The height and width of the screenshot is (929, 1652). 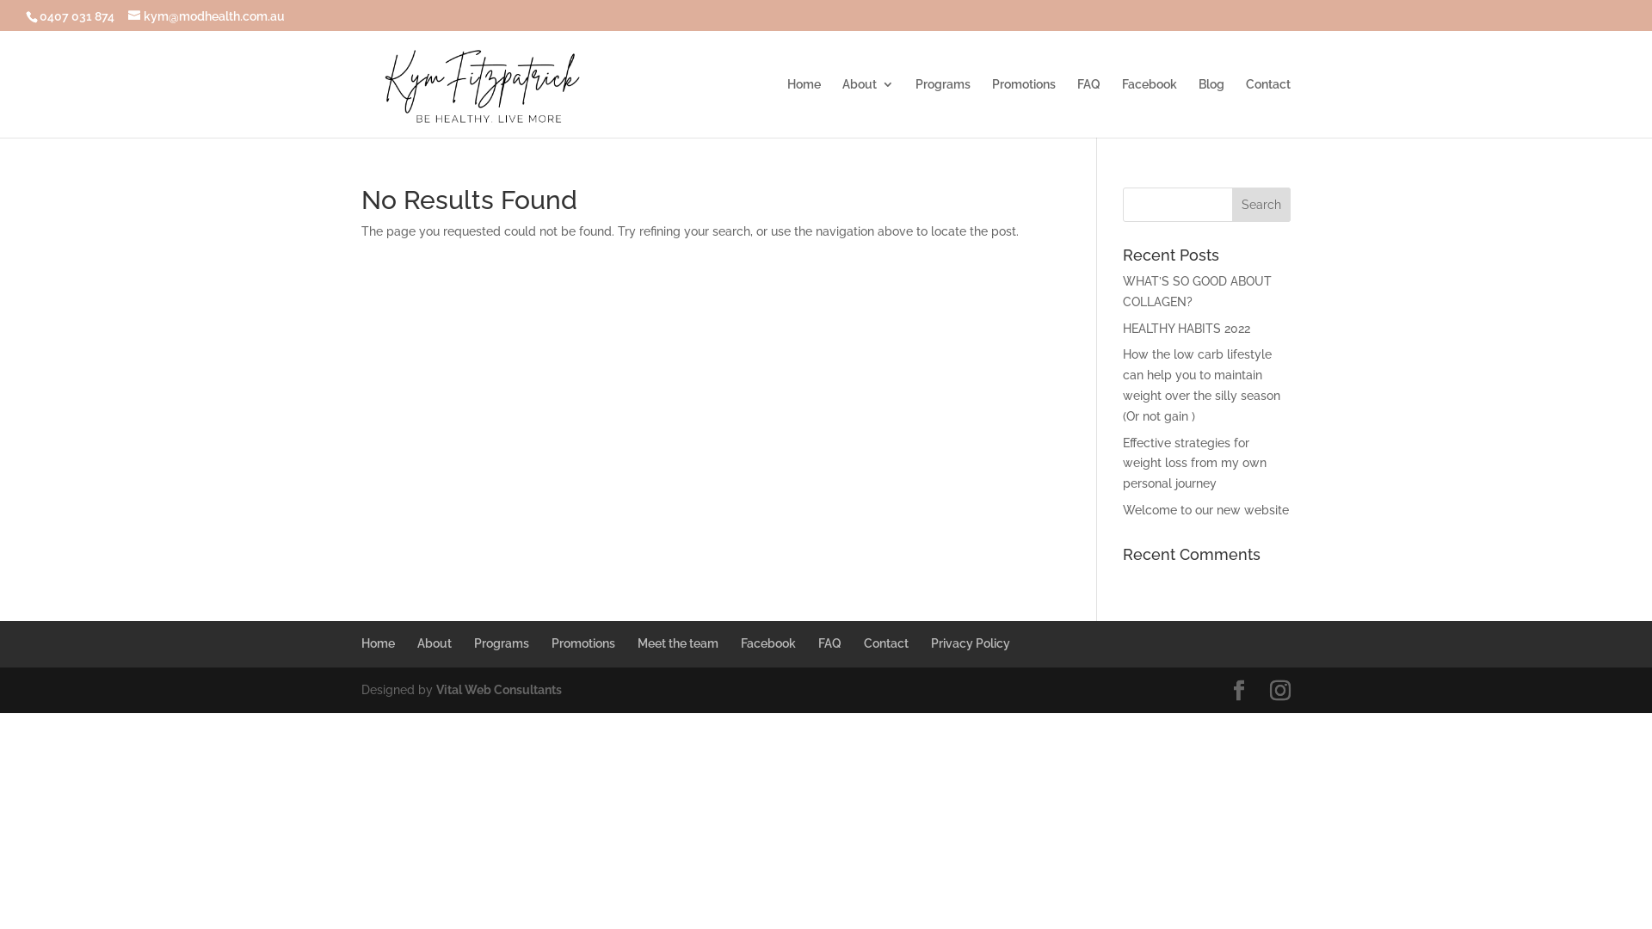 What do you see at coordinates (767, 643) in the screenshot?
I see `'Facebook'` at bounding box center [767, 643].